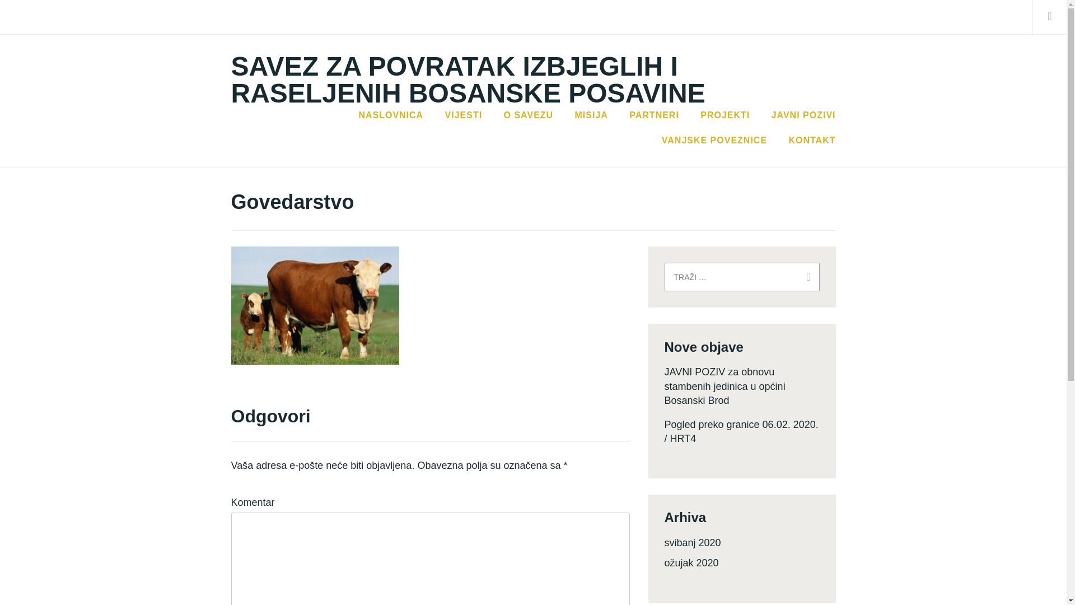 This screenshot has width=1075, height=605. I want to click on 'Pogled preko granice 06.02. 2020. / HRT4', so click(741, 431).